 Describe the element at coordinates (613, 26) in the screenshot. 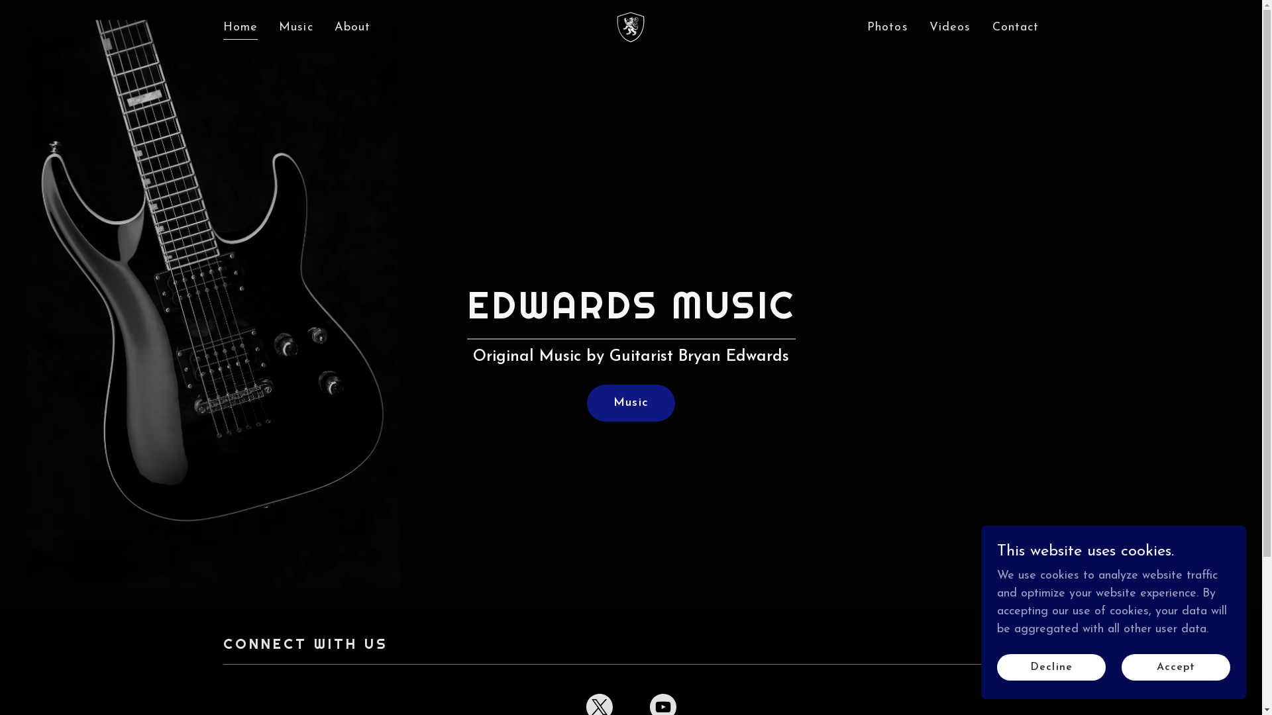

I see `'Bryan Edwards'` at that location.